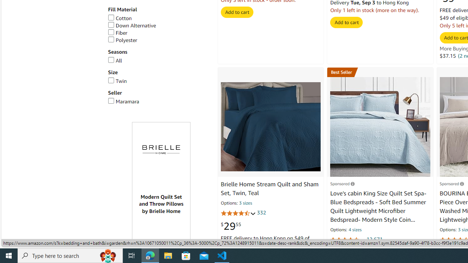 This screenshot has height=263, width=468. What do you see at coordinates (120, 18) in the screenshot?
I see `'Cotton'` at bounding box center [120, 18].